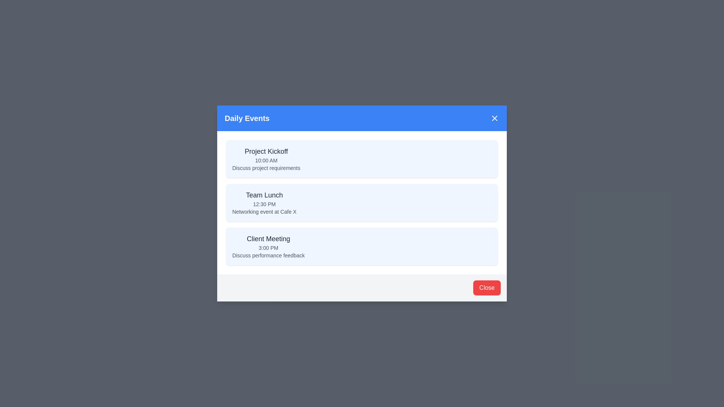  Describe the element at coordinates (487, 288) in the screenshot. I see `the close button to close the dialog` at that location.